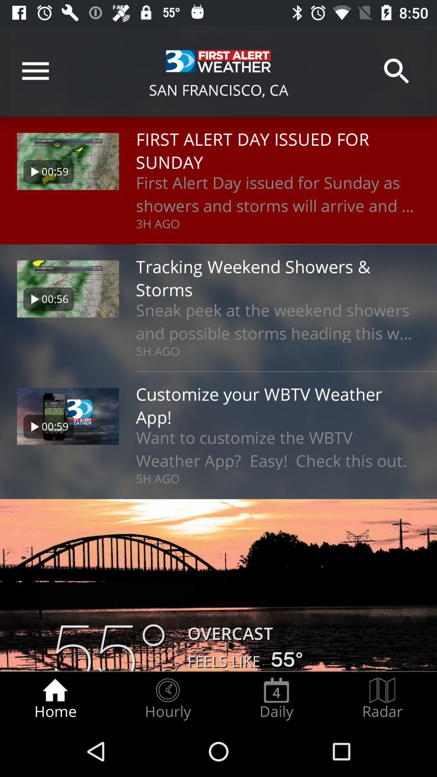 The image size is (437, 777). What do you see at coordinates (167, 698) in the screenshot?
I see `hourly icon` at bounding box center [167, 698].